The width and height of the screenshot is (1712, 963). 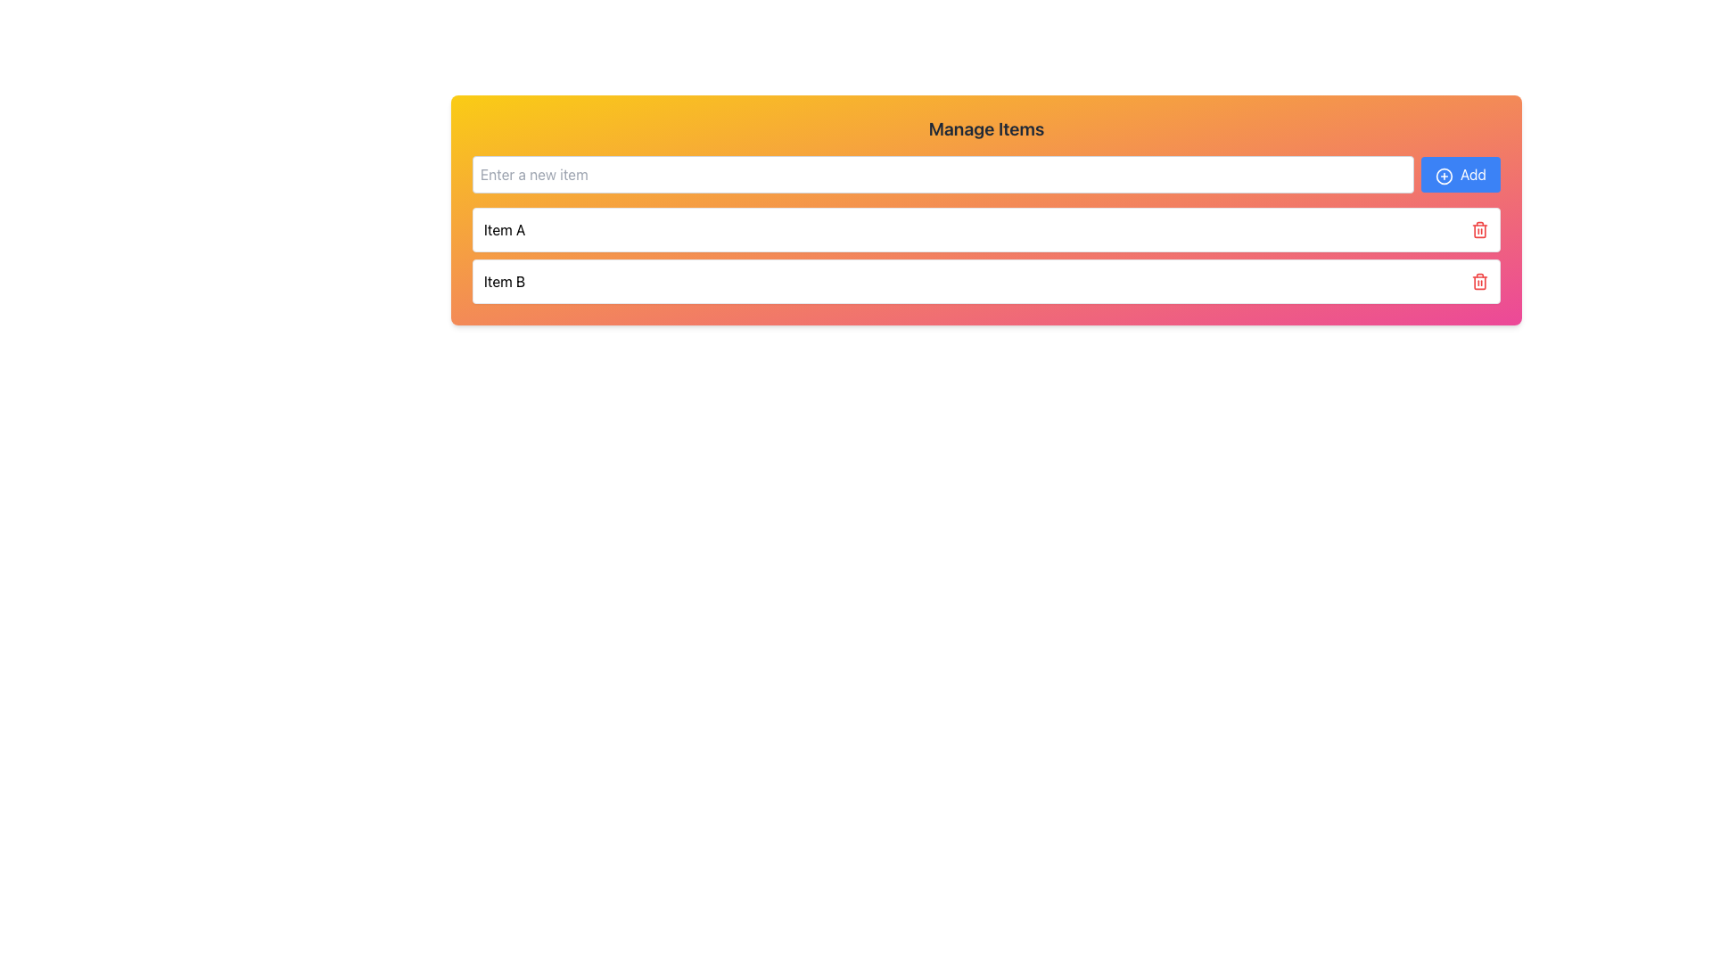 What do you see at coordinates (1461, 175) in the screenshot?
I see `the 'Add' button with a blue background and white text, which includes a circular '+' icon, located on the right side of the 'Enter a new item' input field` at bounding box center [1461, 175].